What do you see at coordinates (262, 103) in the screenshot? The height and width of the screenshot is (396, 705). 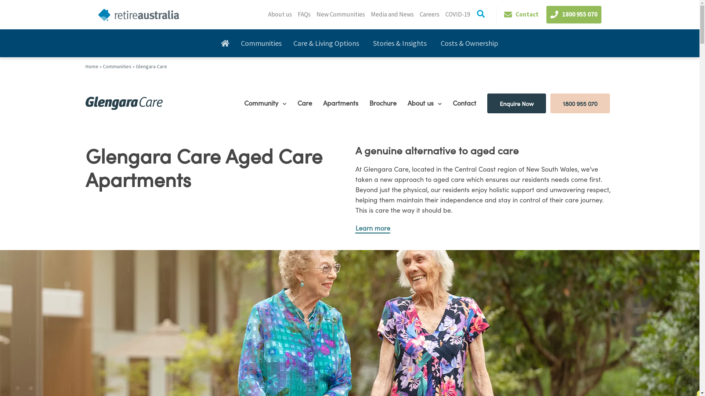 I see `'Community'` at bounding box center [262, 103].